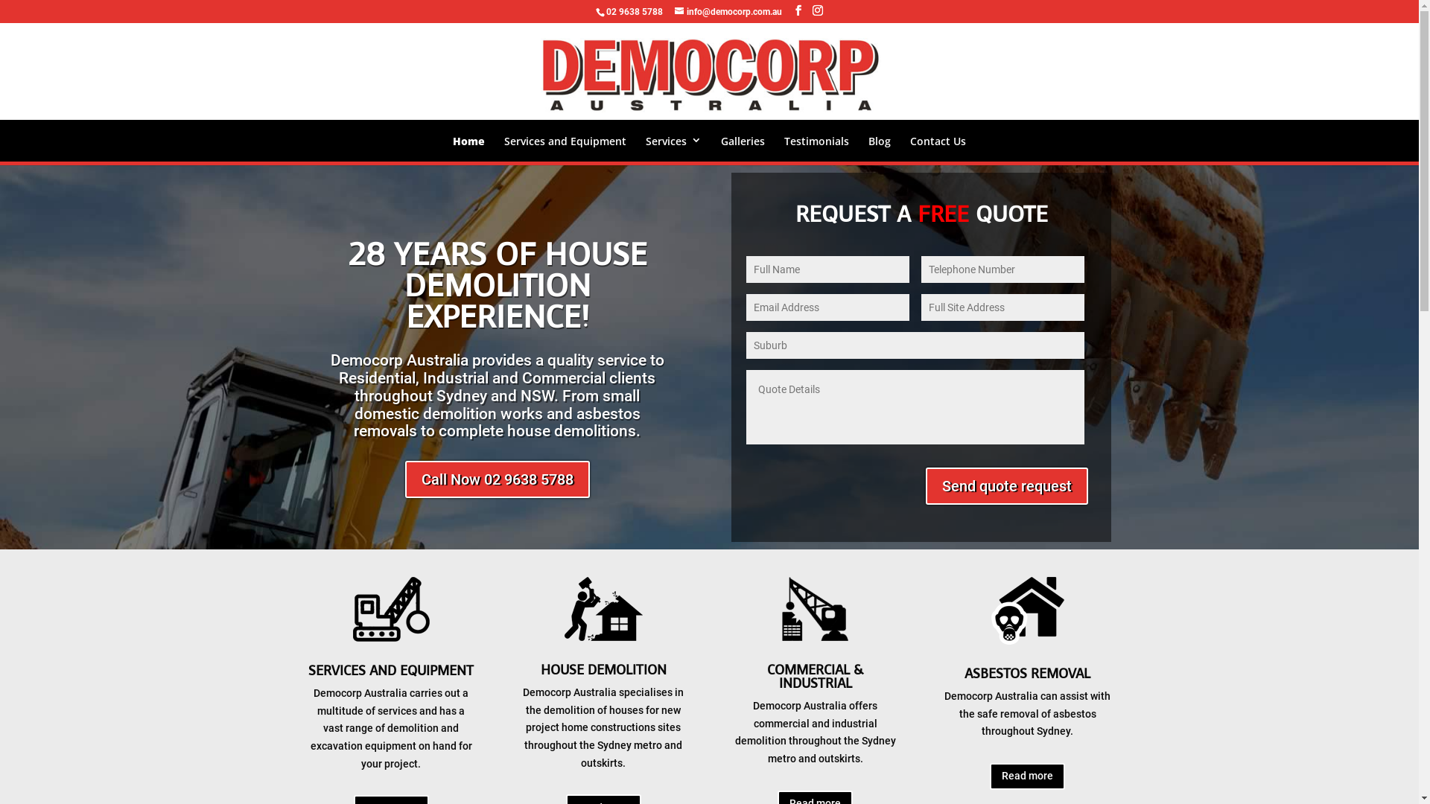 This screenshot has width=1430, height=804. Describe the element at coordinates (743, 141) in the screenshot. I see `'Galleries'` at that location.